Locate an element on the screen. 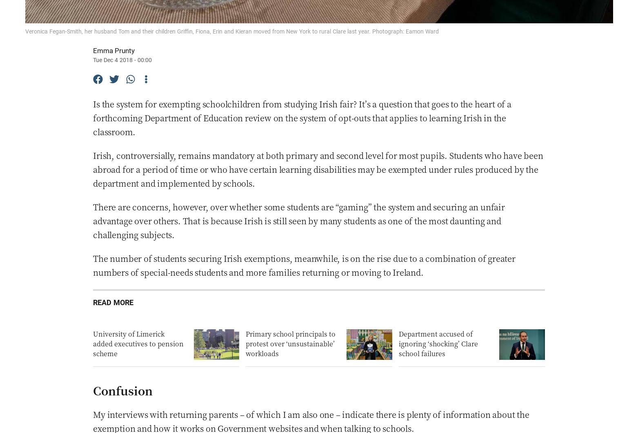  'There are concerns, however, over whether some students are “gaming” the system and securing an unfair advantage over others. That is because Irish is still seen by many students as one of the most daunting and challenging subjects.' is located at coordinates (298, 221).